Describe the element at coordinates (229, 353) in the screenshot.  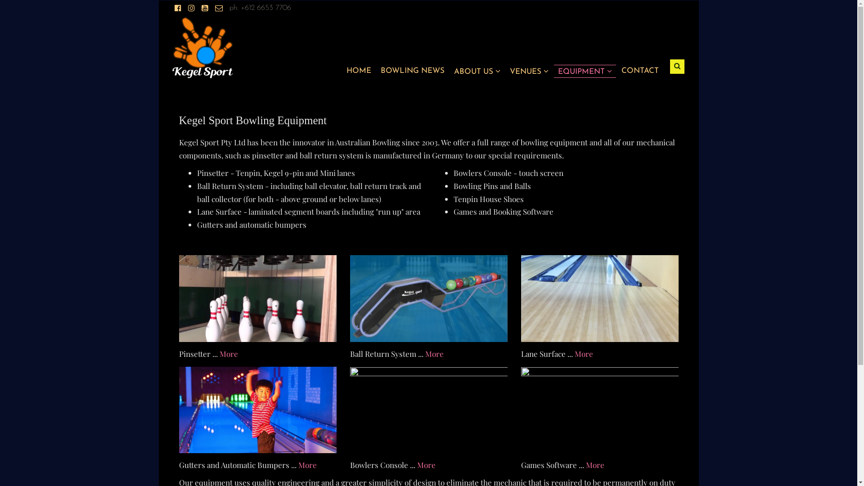
I see `'More'` at that location.